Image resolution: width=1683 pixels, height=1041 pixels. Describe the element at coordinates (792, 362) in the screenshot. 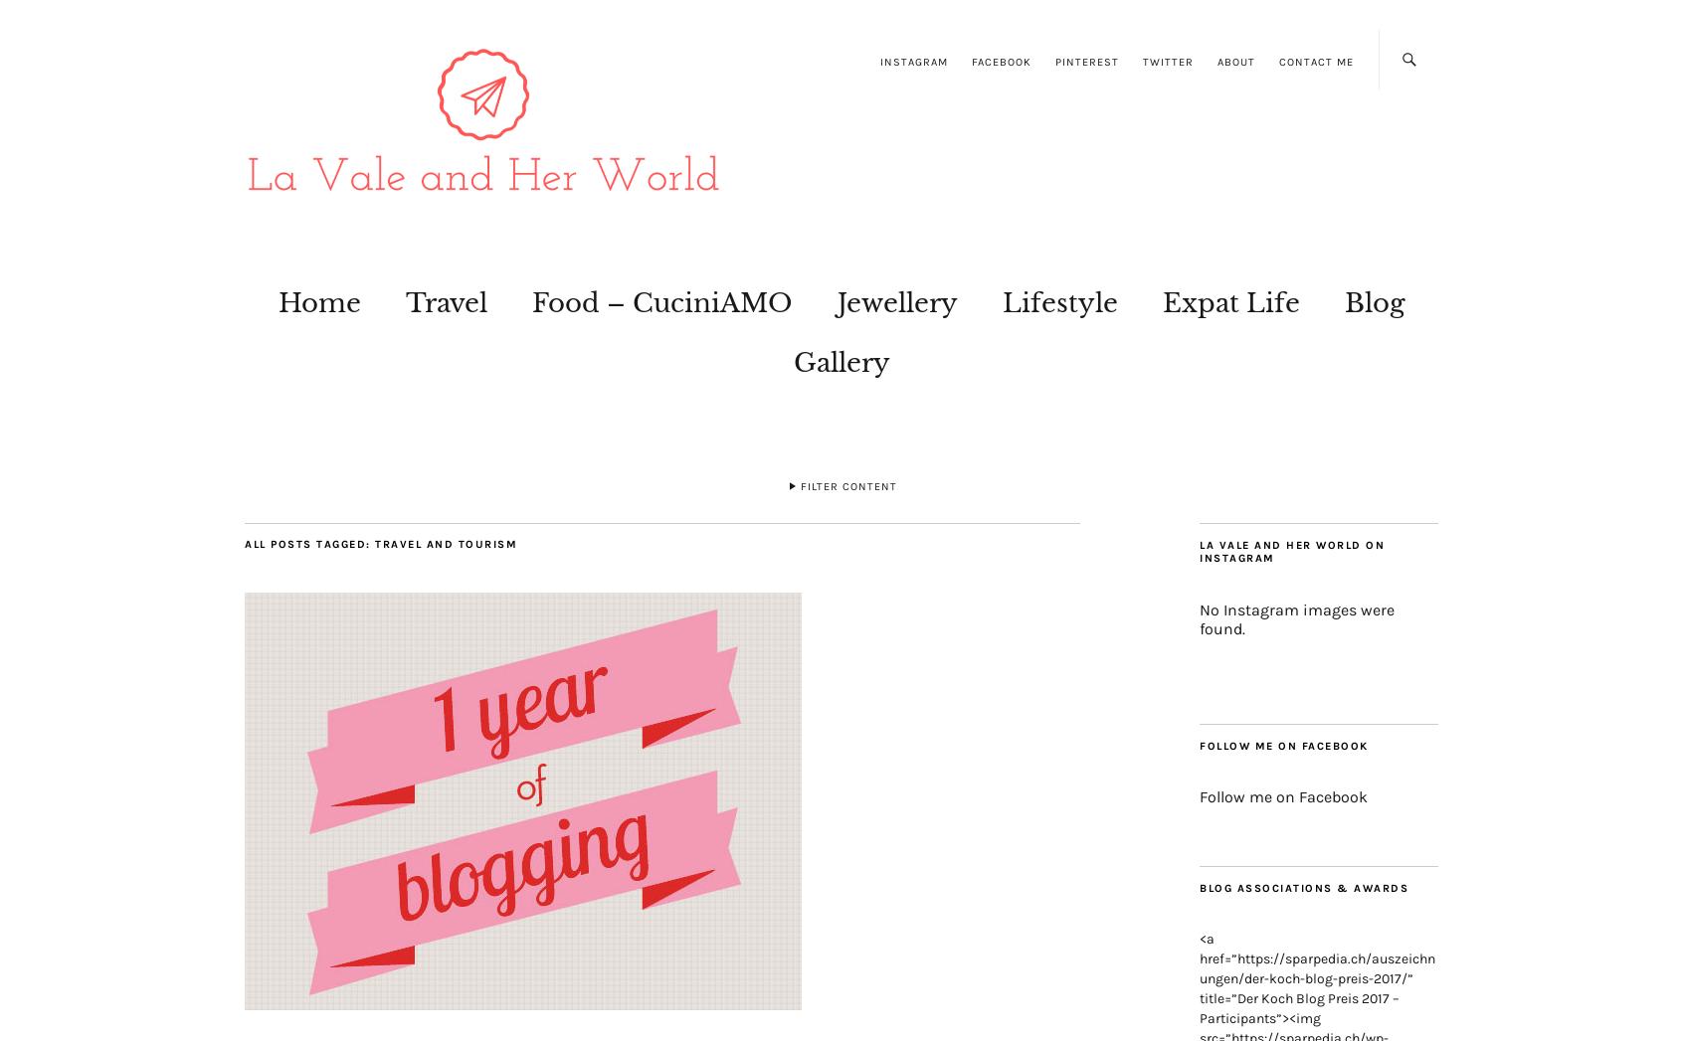

I see `'Gallery'` at that location.